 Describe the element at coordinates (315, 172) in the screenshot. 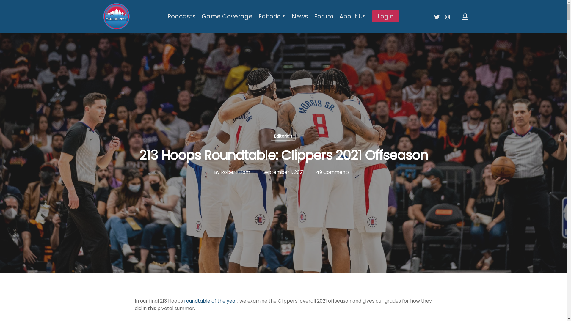

I see `'49 Comments'` at that location.